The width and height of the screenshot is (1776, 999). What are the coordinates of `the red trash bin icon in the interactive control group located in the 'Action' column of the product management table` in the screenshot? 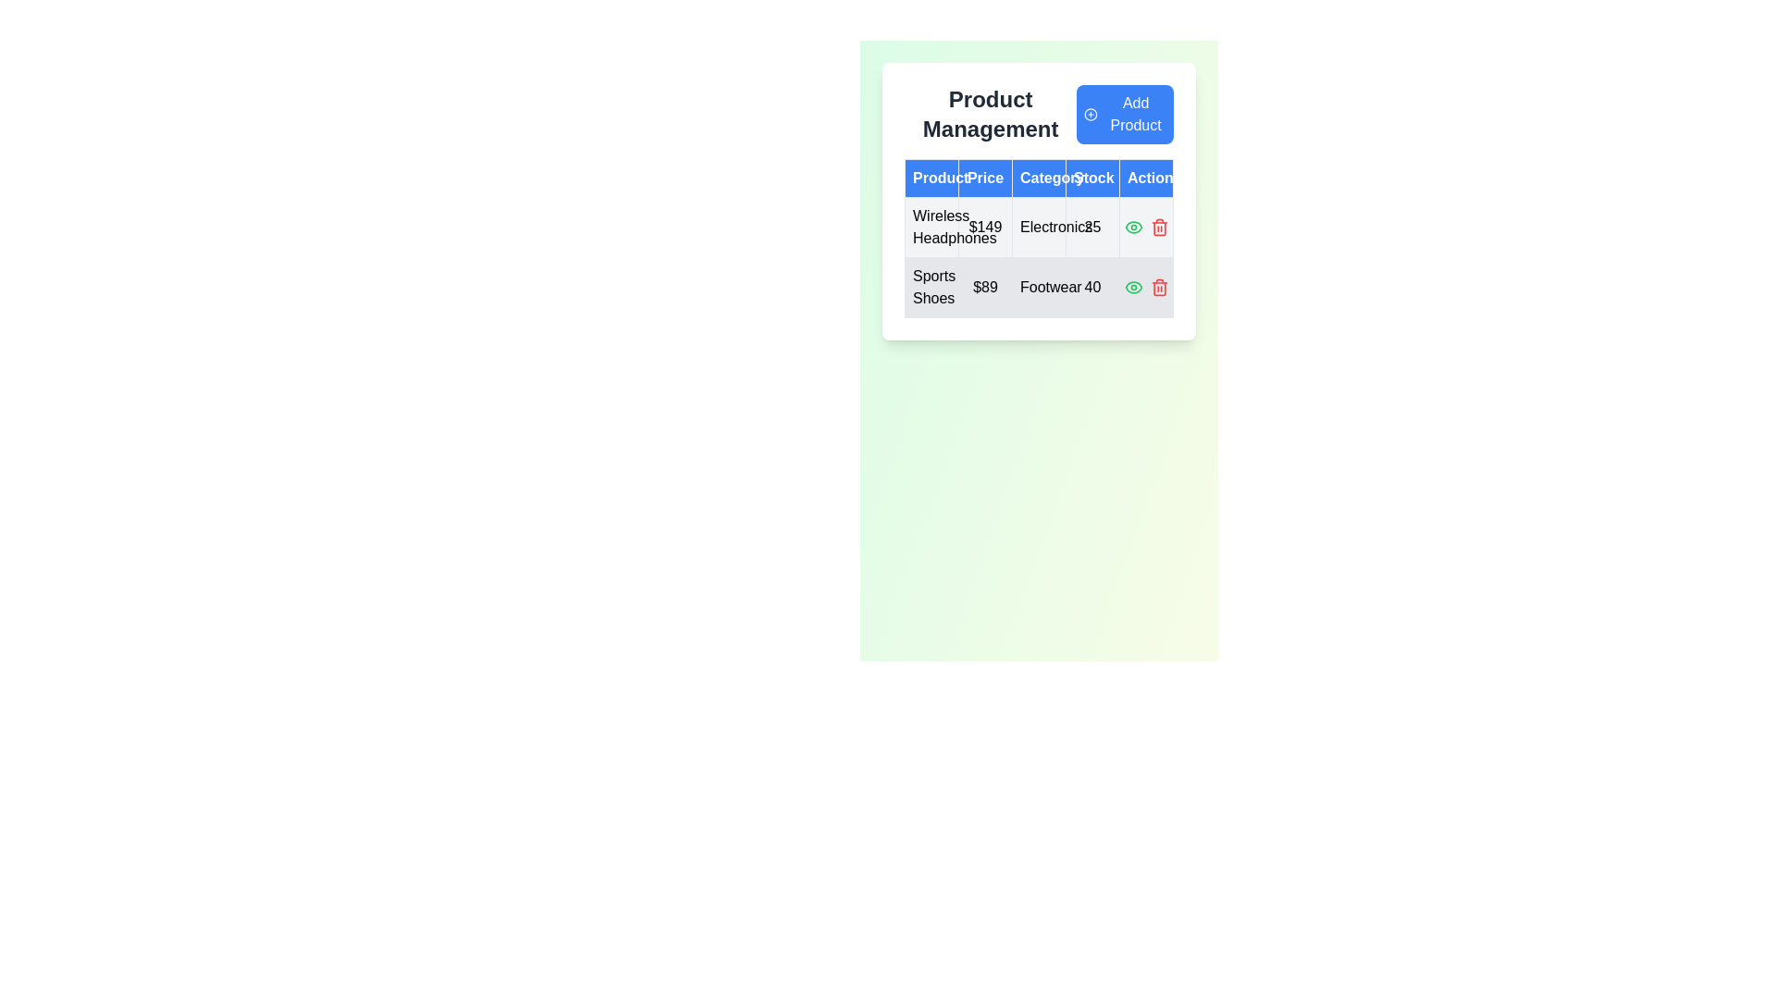 It's located at (1145, 227).